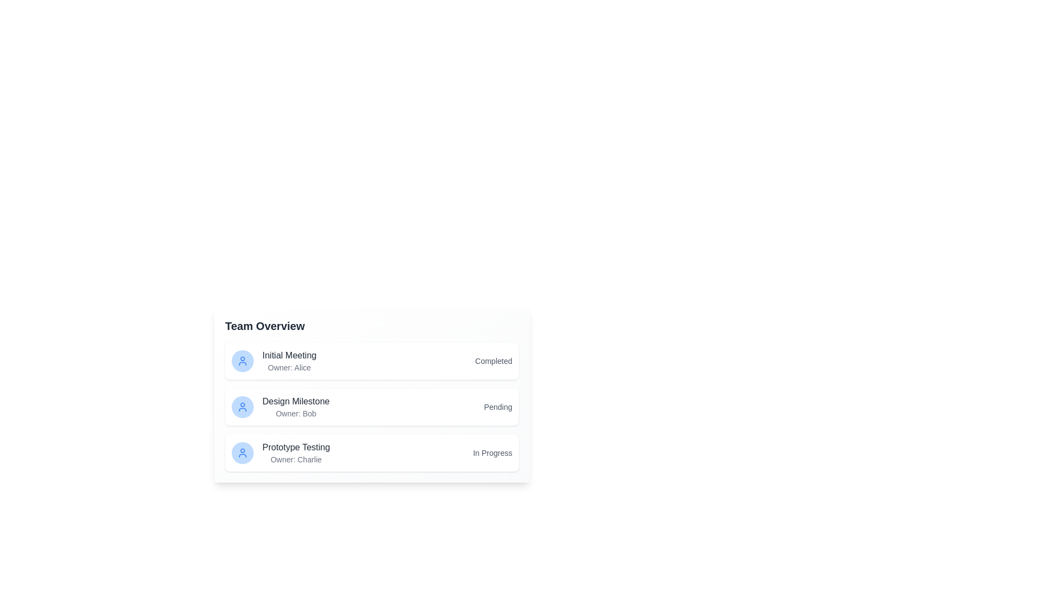  I want to click on the text label displaying 'Pending' in the bottom-right corner of the 'Design Milestone' card, so click(498, 407).